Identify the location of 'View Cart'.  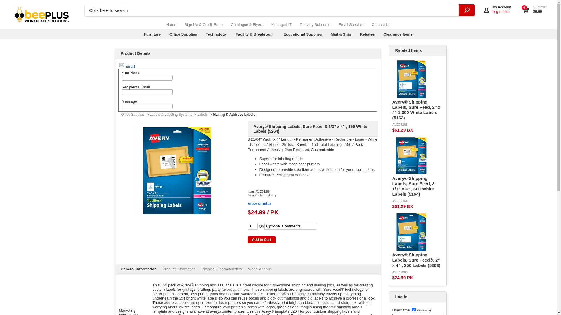
(535, 10).